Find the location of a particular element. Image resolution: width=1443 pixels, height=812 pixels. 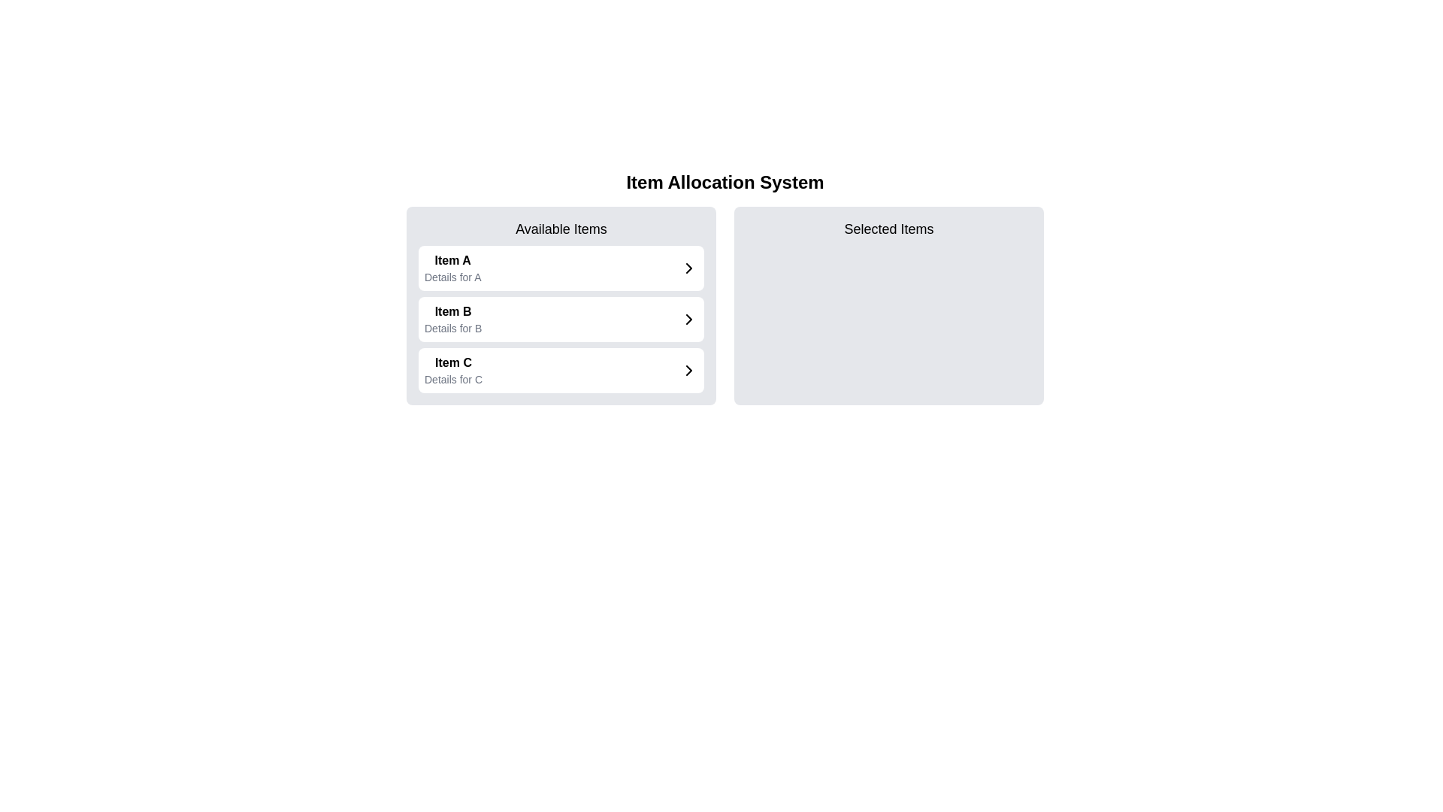

the chevron arrow icon is located at coordinates (688, 371).